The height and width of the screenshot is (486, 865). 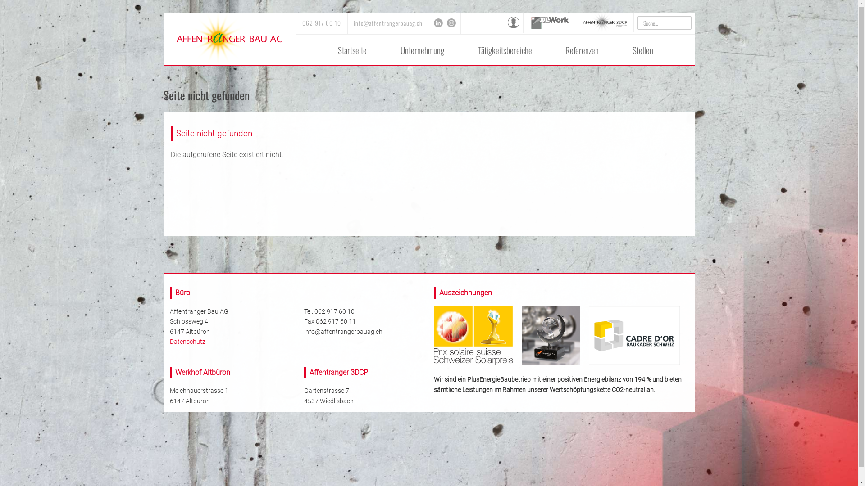 What do you see at coordinates (514, 25) in the screenshot?
I see `'Intranet'` at bounding box center [514, 25].